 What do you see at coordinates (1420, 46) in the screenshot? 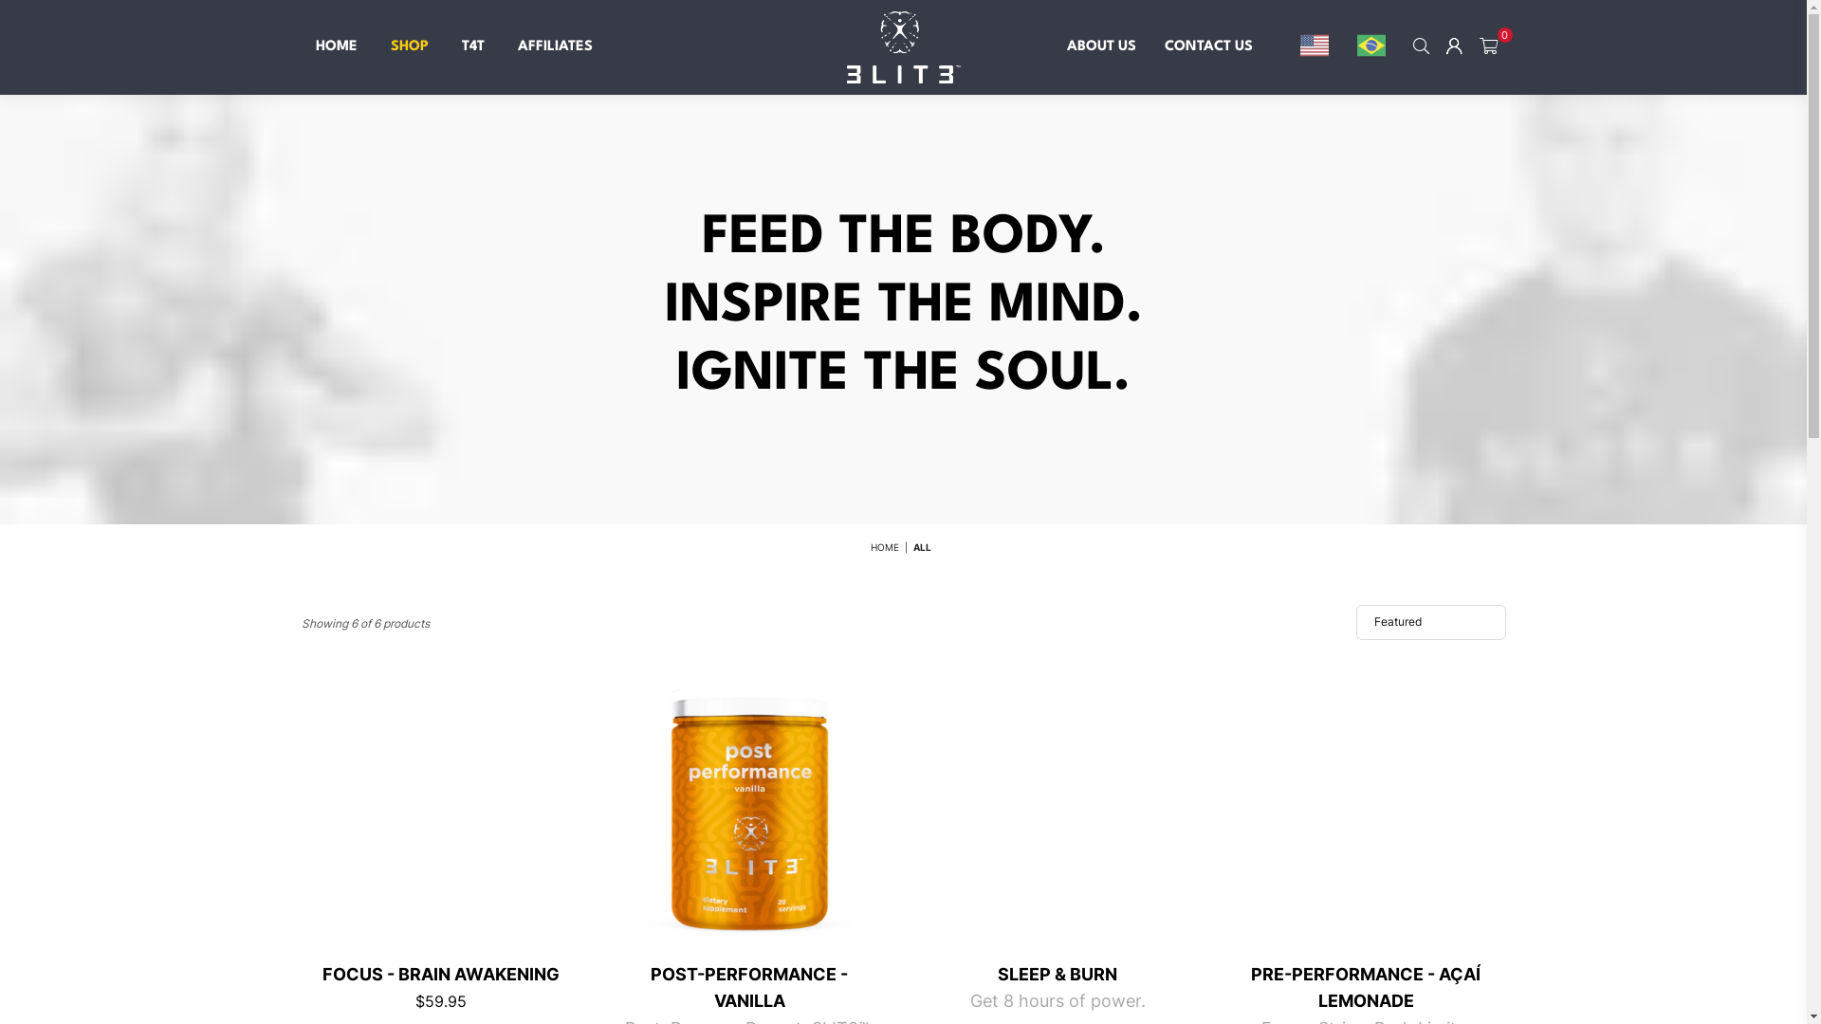
I see `'SEARCH'` at bounding box center [1420, 46].